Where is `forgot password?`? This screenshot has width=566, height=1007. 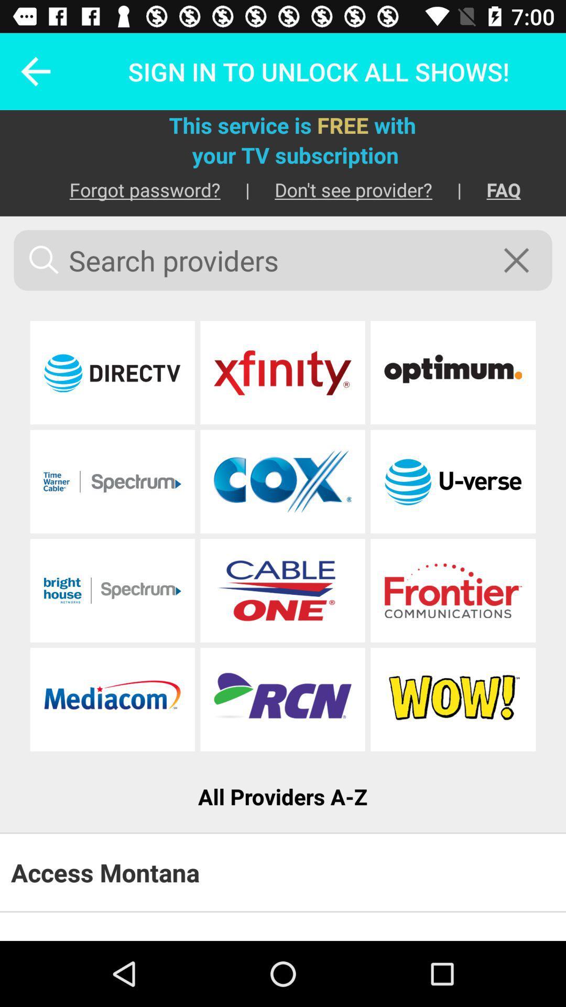 forgot password? is located at coordinates (132, 189).